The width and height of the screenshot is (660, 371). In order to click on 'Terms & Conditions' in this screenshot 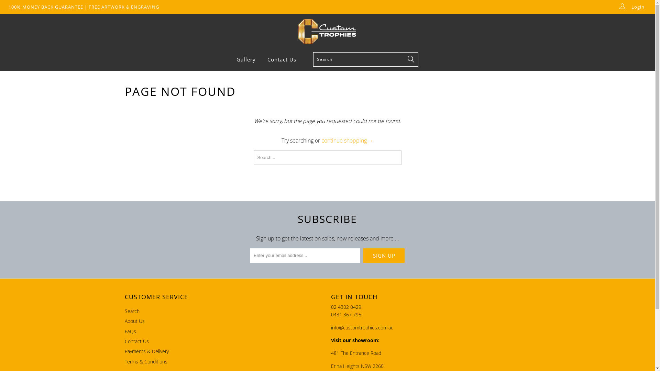, I will do `click(145, 361)`.